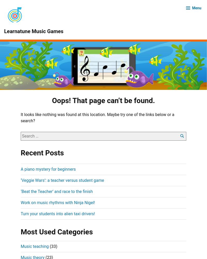 Image resolution: width=207 pixels, height=259 pixels. What do you see at coordinates (62, 180) in the screenshot?
I see `'‘Veggie Wars’: a teacher versus student game'` at bounding box center [62, 180].